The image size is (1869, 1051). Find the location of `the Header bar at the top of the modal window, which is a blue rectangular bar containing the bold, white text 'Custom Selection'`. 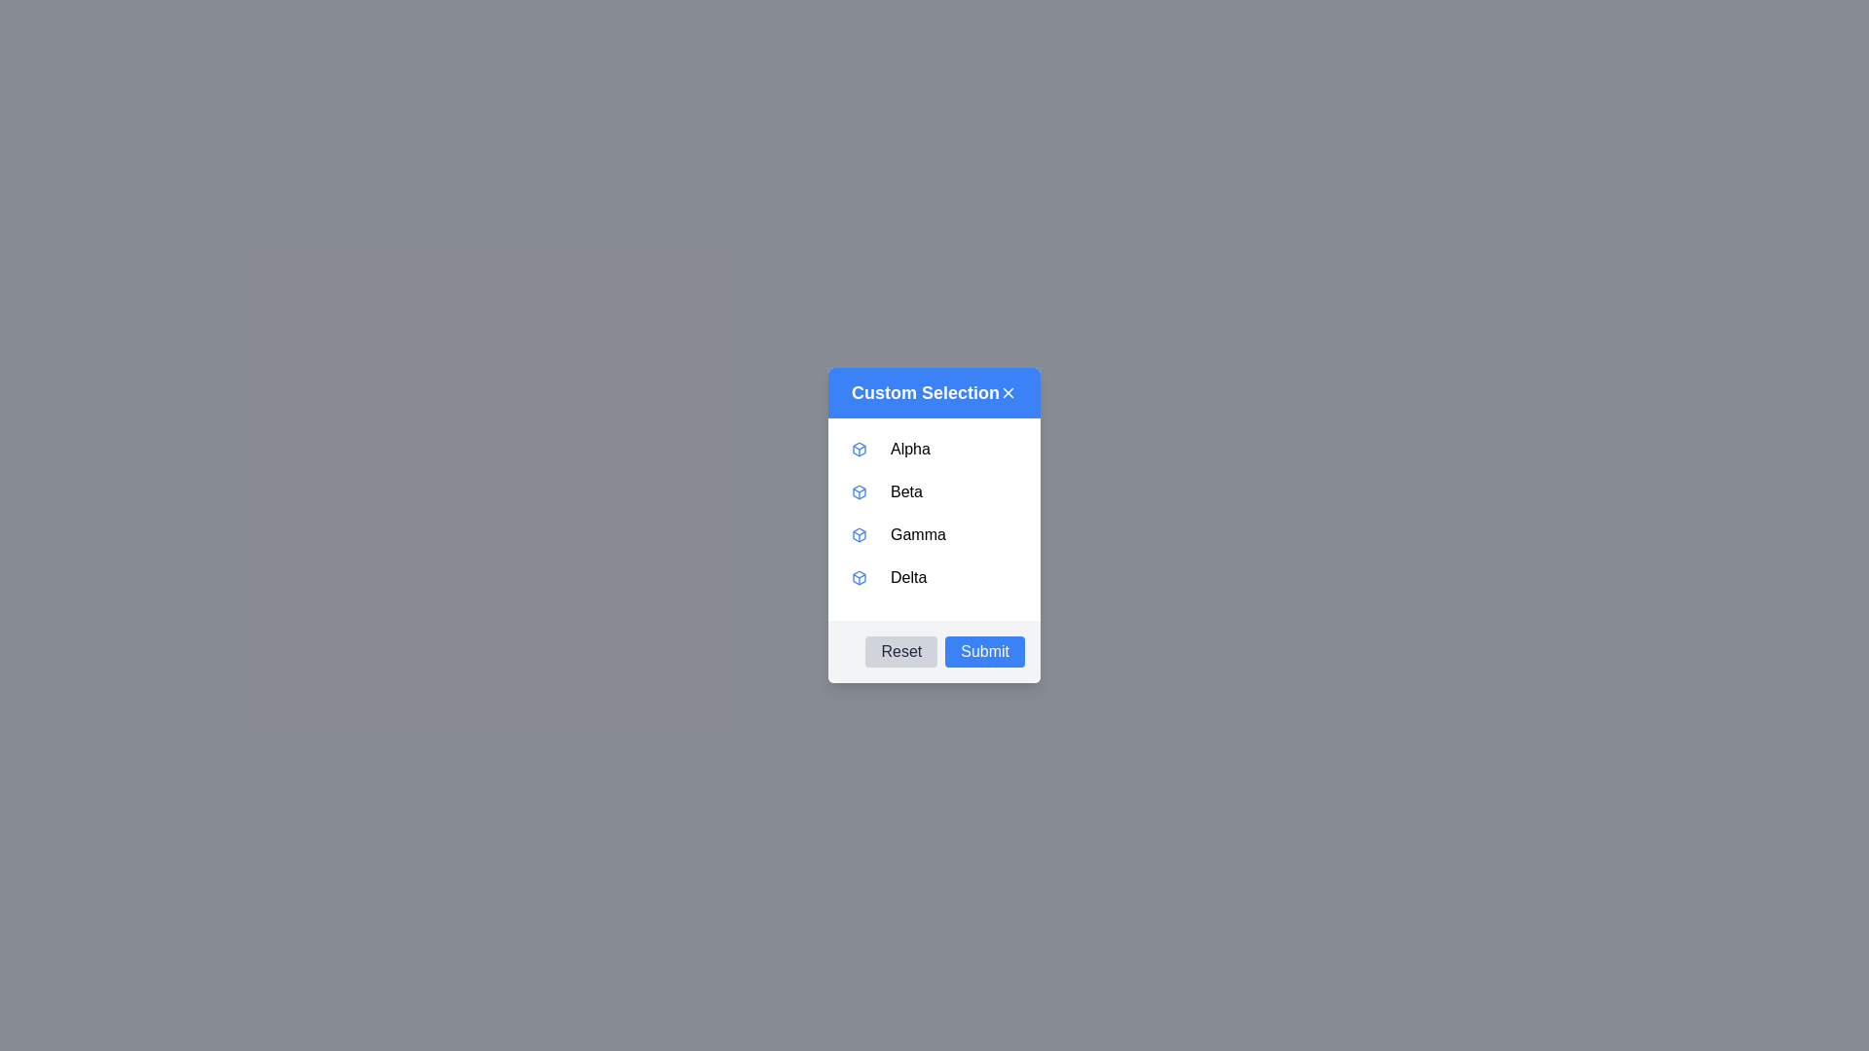

the Header bar at the top of the modal window, which is a blue rectangular bar containing the bold, white text 'Custom Selection' is located at coordinates (934, 393).